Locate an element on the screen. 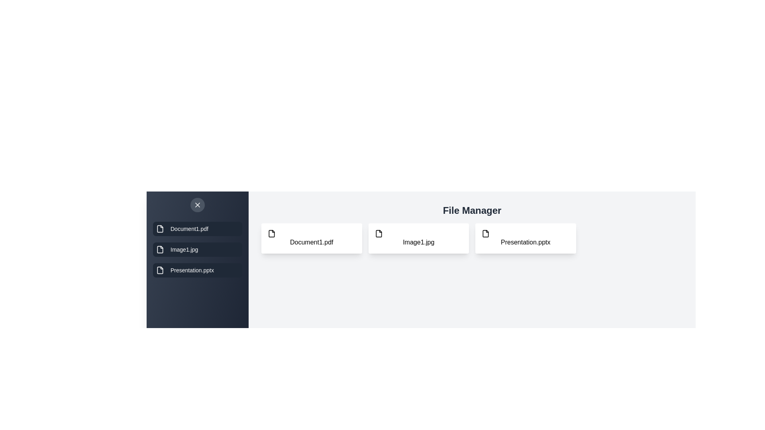 The height and width of the screenshot is (430, 765). the file Document1.pdf in the main grid is located at coordinates (311, 238).